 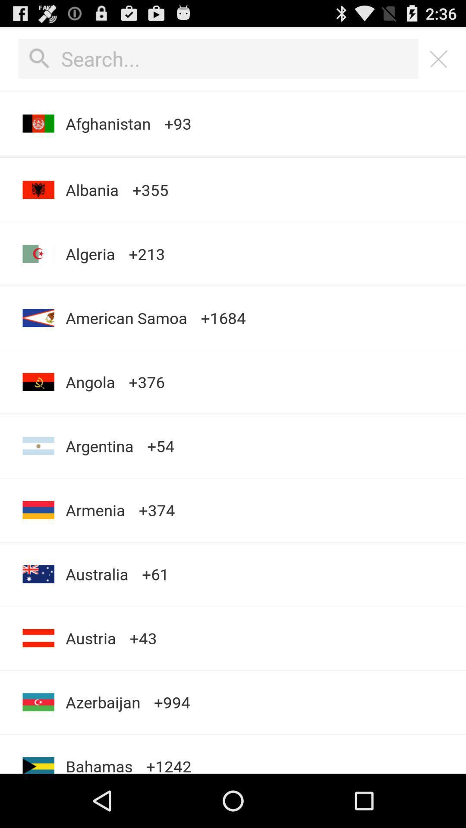 I want to click on icon next to the +374 app, so click(x=95, y=510).